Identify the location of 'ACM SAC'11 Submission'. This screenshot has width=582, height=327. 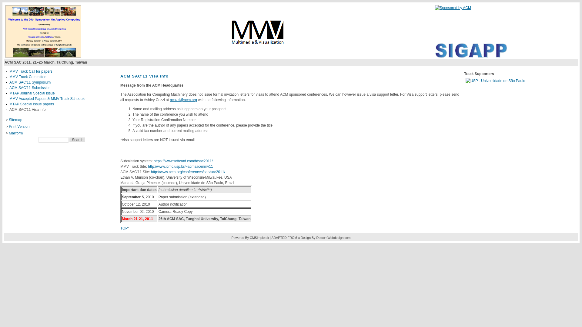
(30, 88).